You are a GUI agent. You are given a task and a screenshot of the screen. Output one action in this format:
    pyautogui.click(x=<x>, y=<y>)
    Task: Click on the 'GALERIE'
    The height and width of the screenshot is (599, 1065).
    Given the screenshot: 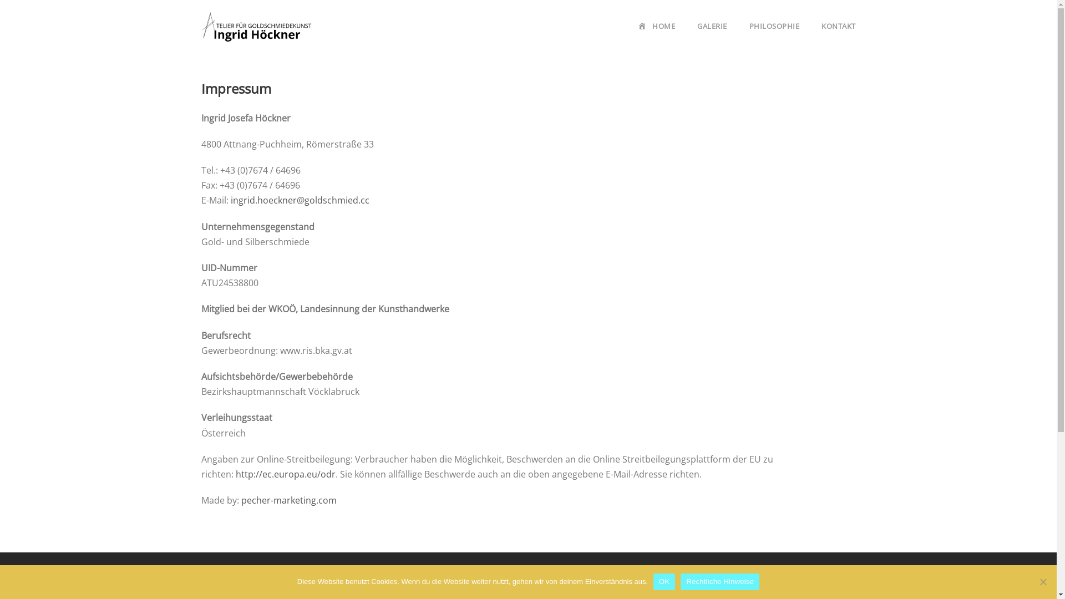 What is the action you would take?
    pyautogui.click(x=712, y=35)
    